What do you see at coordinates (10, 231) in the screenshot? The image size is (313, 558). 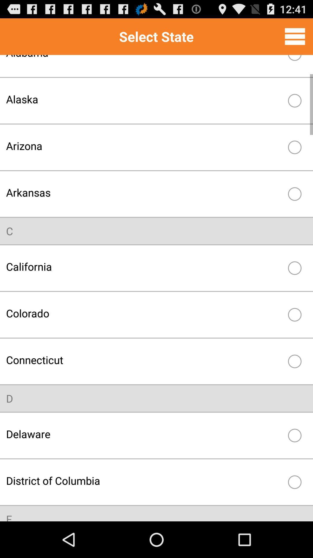 I see `the item above the california item` at bounding box center [10, 231].